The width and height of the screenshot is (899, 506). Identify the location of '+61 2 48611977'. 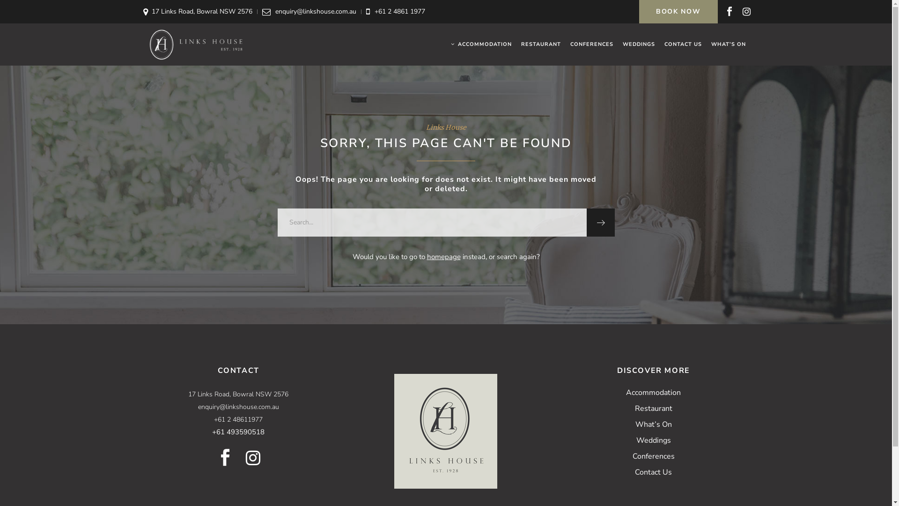
(213, 419).